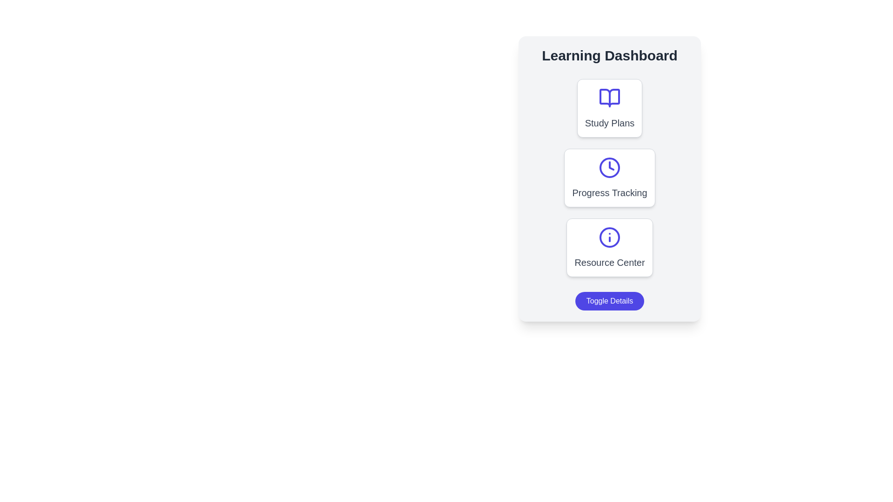 This screenshot has height=502, width=893. I want to click on the 'Progress Tracking' button, which is a rectangular card with a white background, rounded corners, and a blue clock icon at the top center, so click(609, 178).